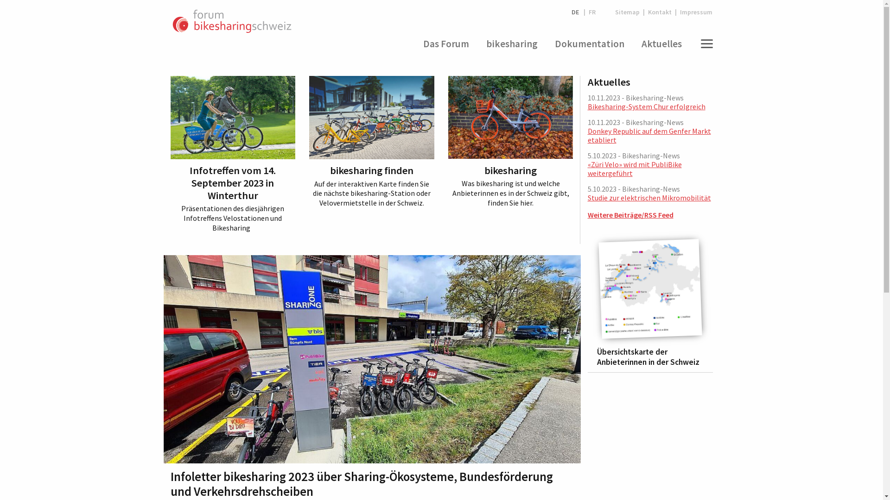 This screenshot has height=500, width=890. What do you see at coordinates (232, 21) in the screenshot?
I see `'Forum Bikesharing Schweiz'` at bounding box center [232, 21].